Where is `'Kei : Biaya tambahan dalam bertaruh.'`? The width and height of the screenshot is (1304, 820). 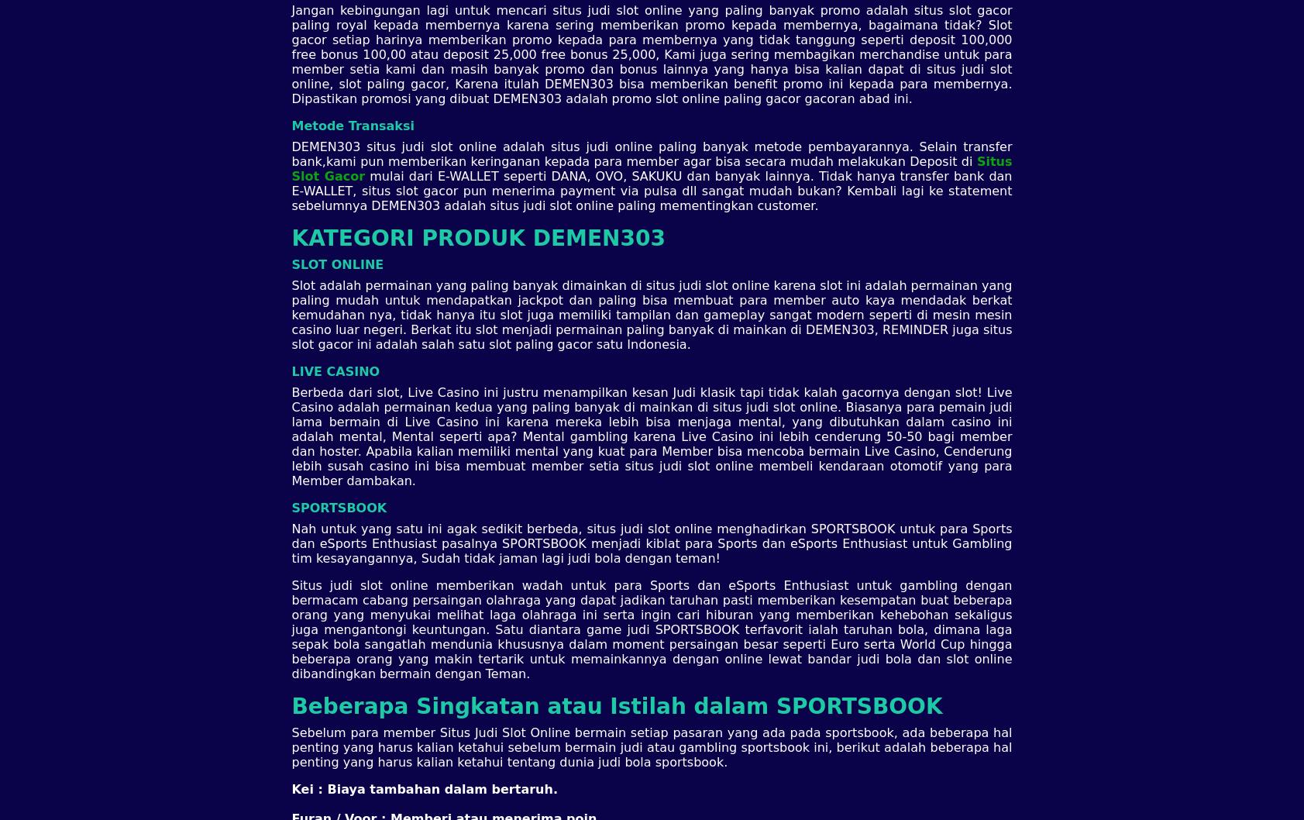 'Kei : Biaya tambahan dalam bertaruh.' is located at coordinates (291, 787).